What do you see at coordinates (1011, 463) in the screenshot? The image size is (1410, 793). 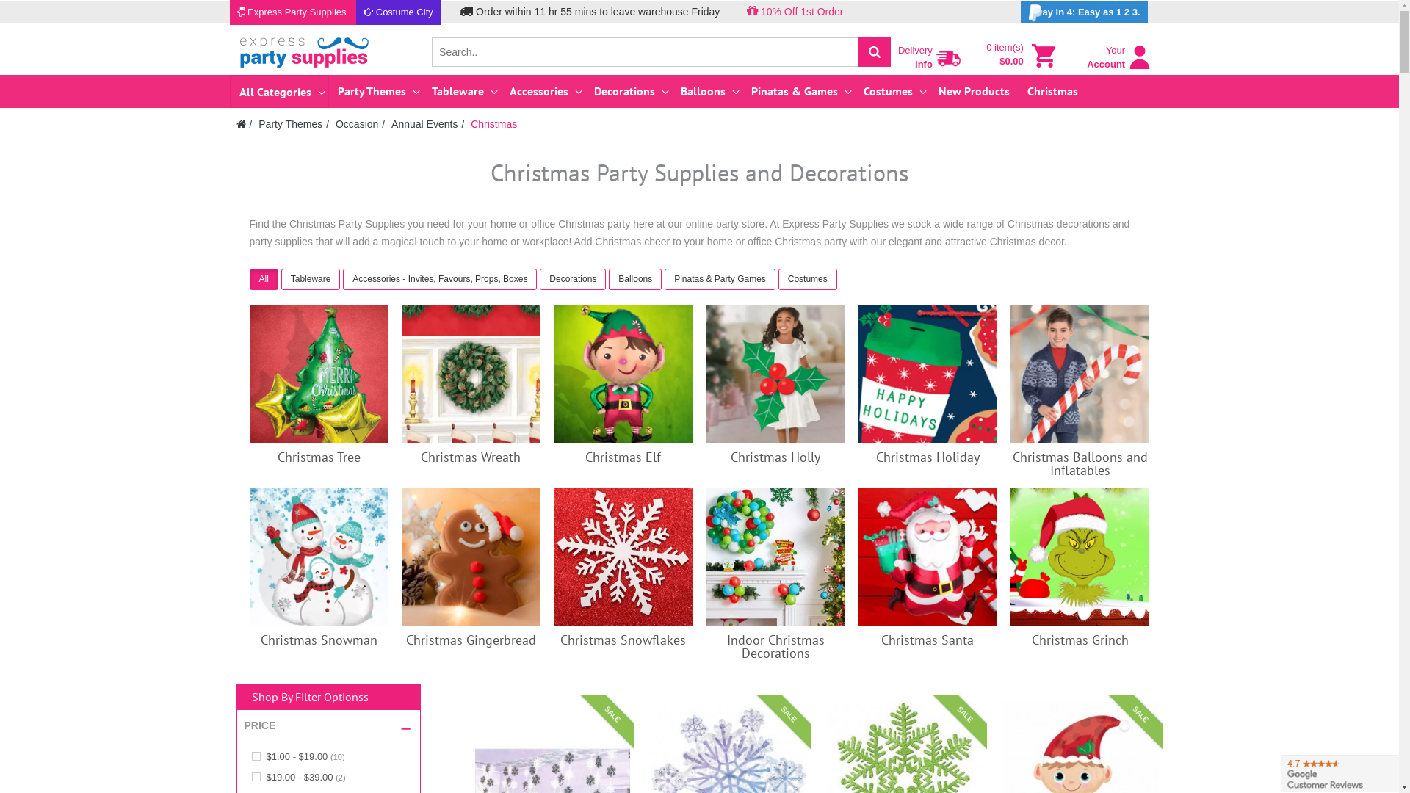 I see `'Christmas Balloons and Inflatables'` at bounding box center [1011, 463].